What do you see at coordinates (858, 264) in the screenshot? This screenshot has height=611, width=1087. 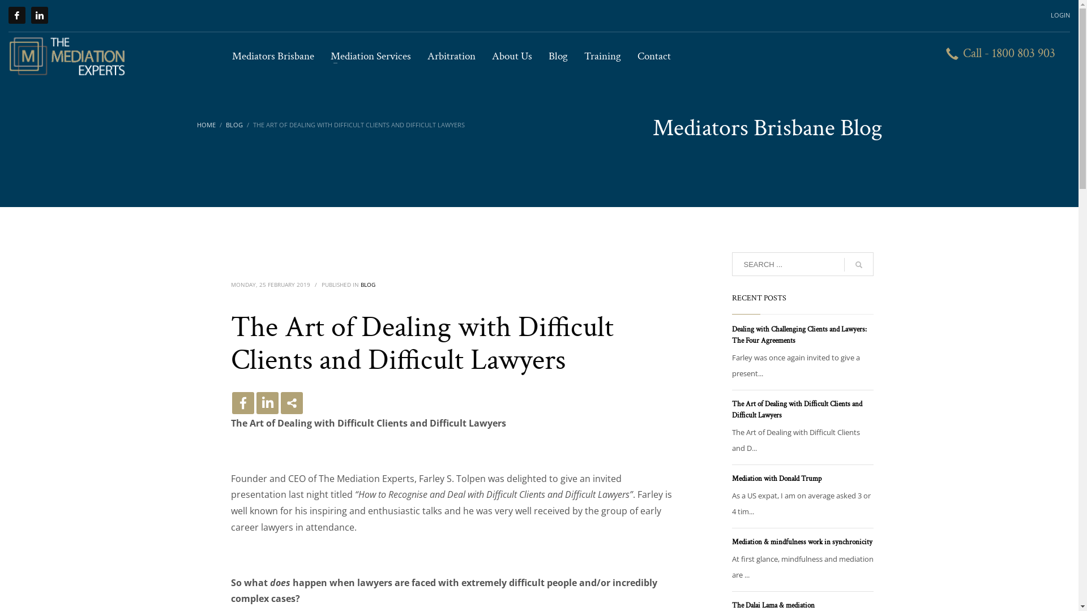 I see `'go'` at bounding box center [858, 264].